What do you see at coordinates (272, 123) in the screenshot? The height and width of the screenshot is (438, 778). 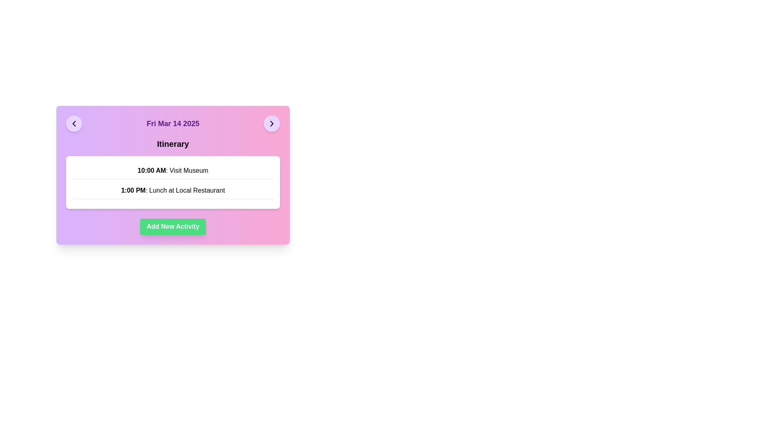 I see `the navigation button located at the top right corner of the horizontal navigation bar` at bounding box center [272, 123].